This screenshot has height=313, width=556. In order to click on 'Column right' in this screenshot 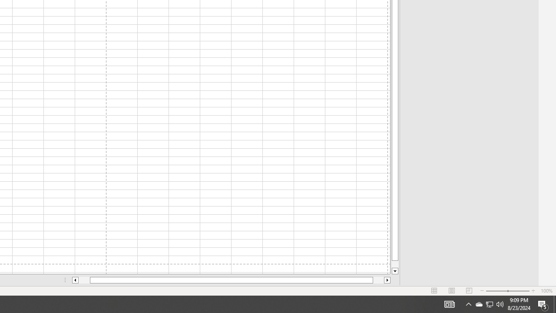, I will do `click(387, 280)`.